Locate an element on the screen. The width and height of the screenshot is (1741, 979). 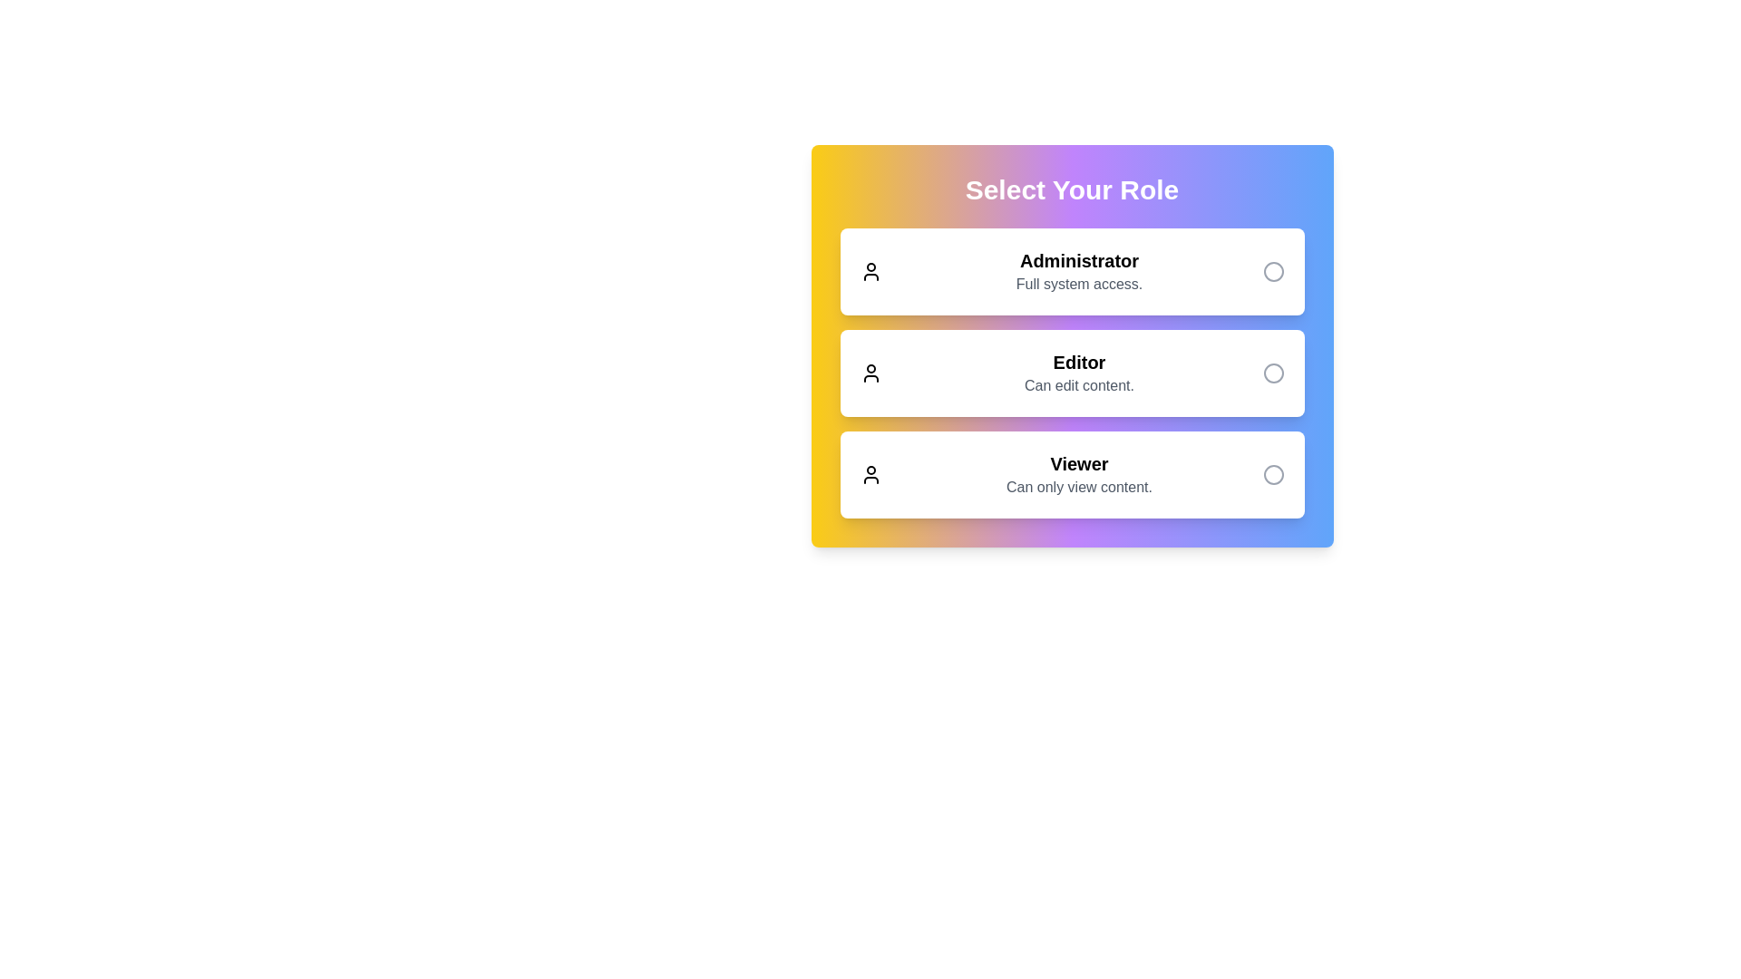
the 'Administrator' radio button, which is the first item in the radio button list styled as a card, located in the 'Select Your Role' panel is located at coordinates (1072, 272).